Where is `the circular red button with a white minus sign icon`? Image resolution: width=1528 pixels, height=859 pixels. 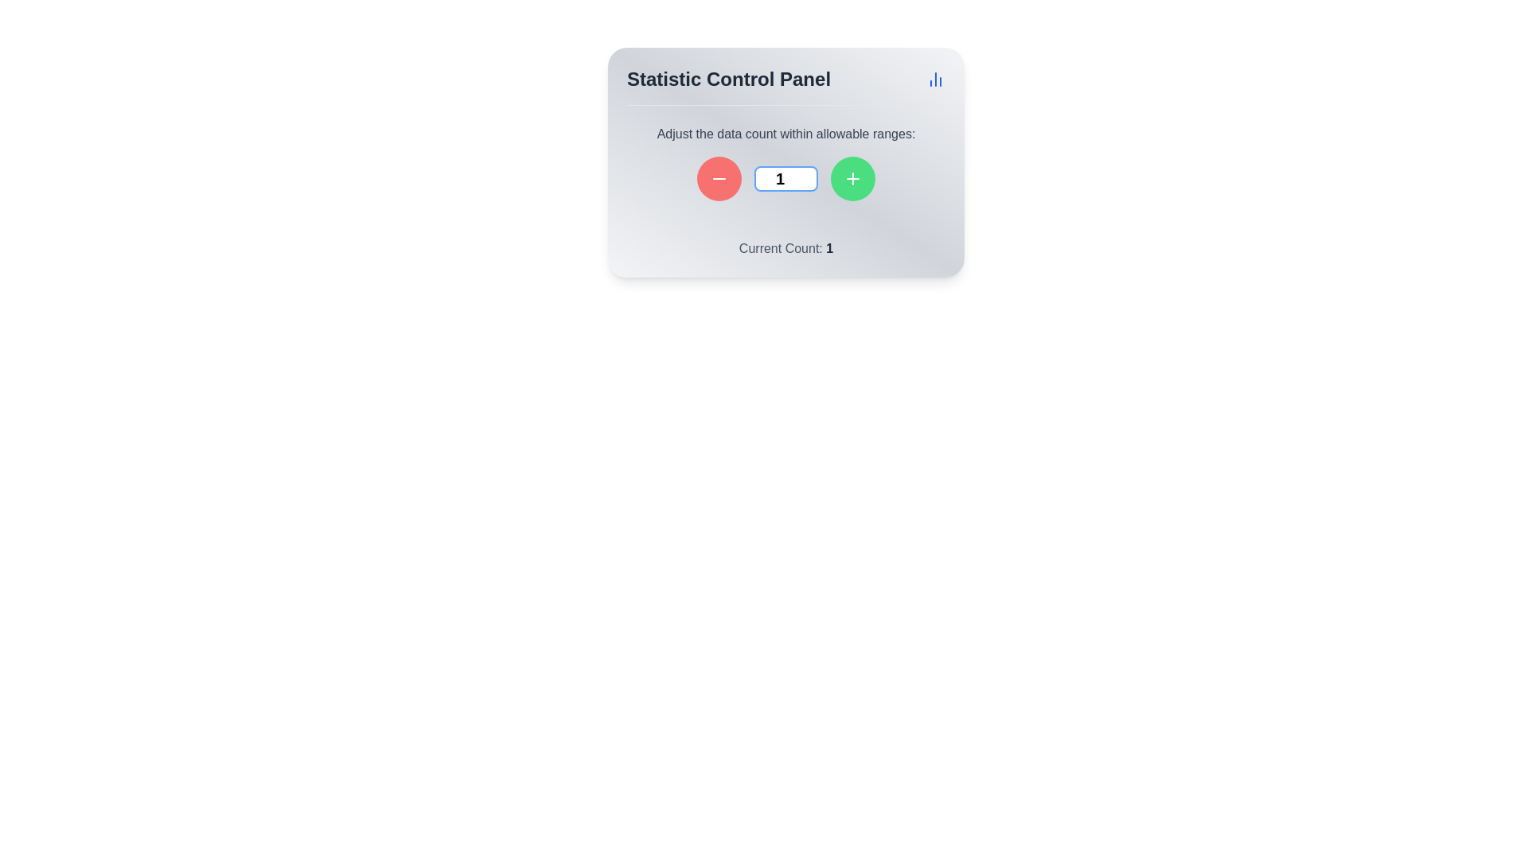 the circular red button with a white minus sign icon is located at coordinates (718, 178).